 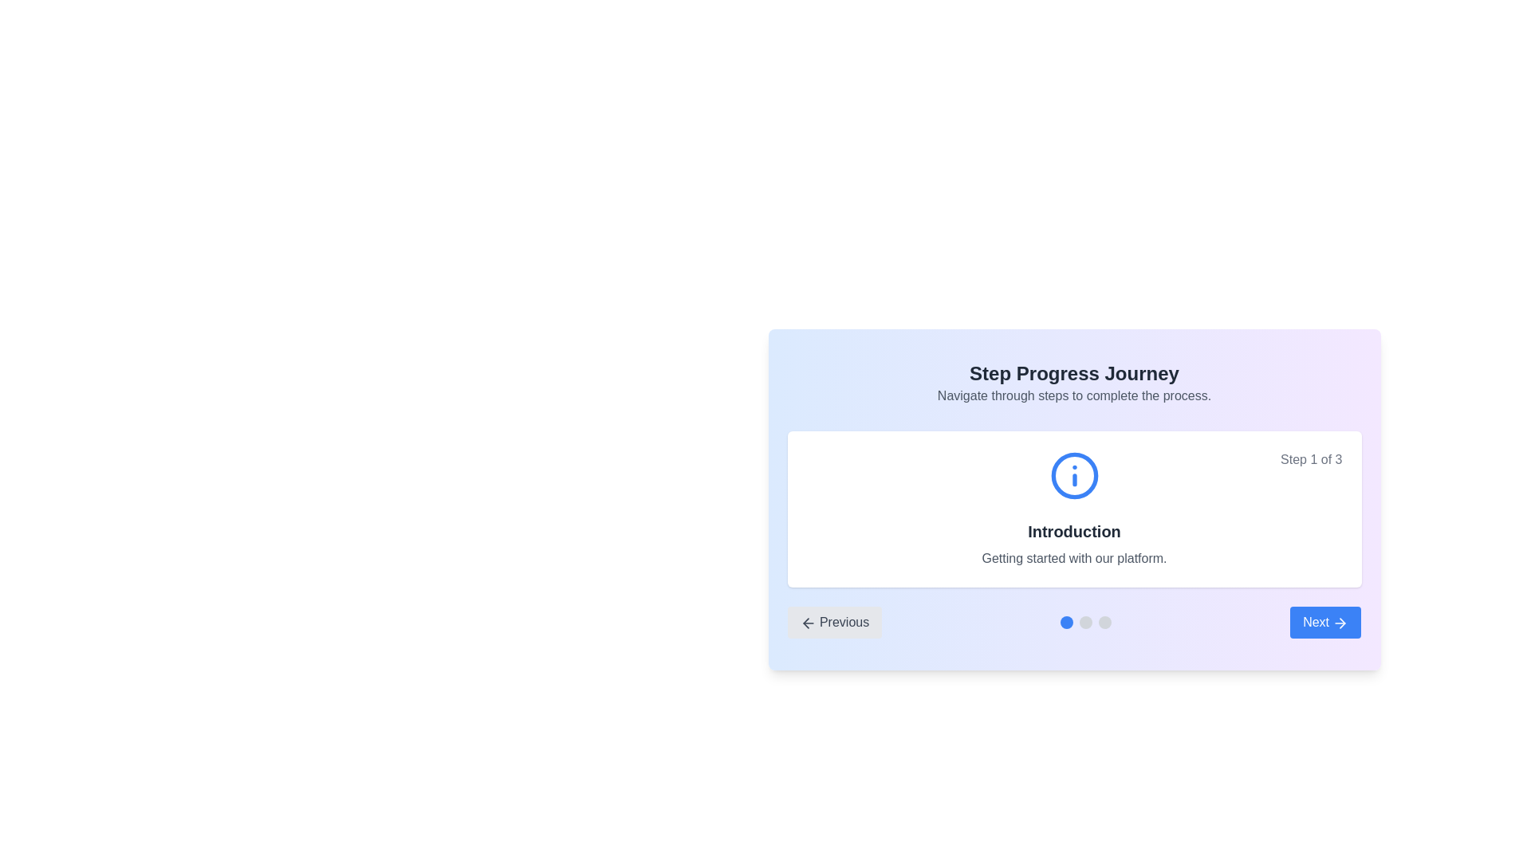 What do you see at coordinates (1074, 475) in the screenshot?
I see `the information icon, which is a circular blue outline with an 'i' in the center, located near the top center of a white card above the text 'Introduction' on the purple gradient panel titled 'Step Progress Journey'` at bounding box center [1074, 475].